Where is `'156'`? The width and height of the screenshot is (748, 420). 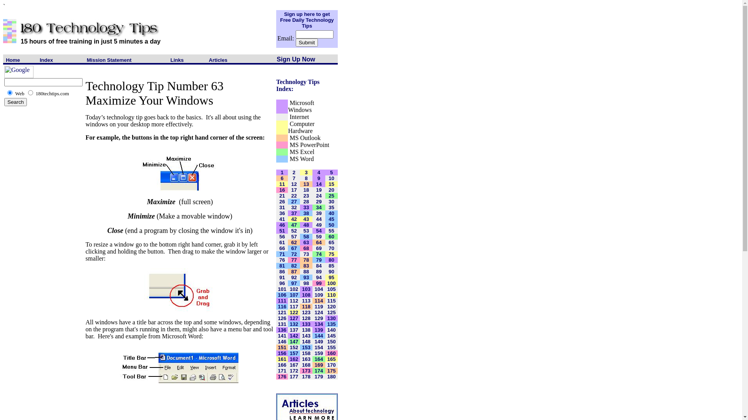
'156' is located at coordinates (282, 353).